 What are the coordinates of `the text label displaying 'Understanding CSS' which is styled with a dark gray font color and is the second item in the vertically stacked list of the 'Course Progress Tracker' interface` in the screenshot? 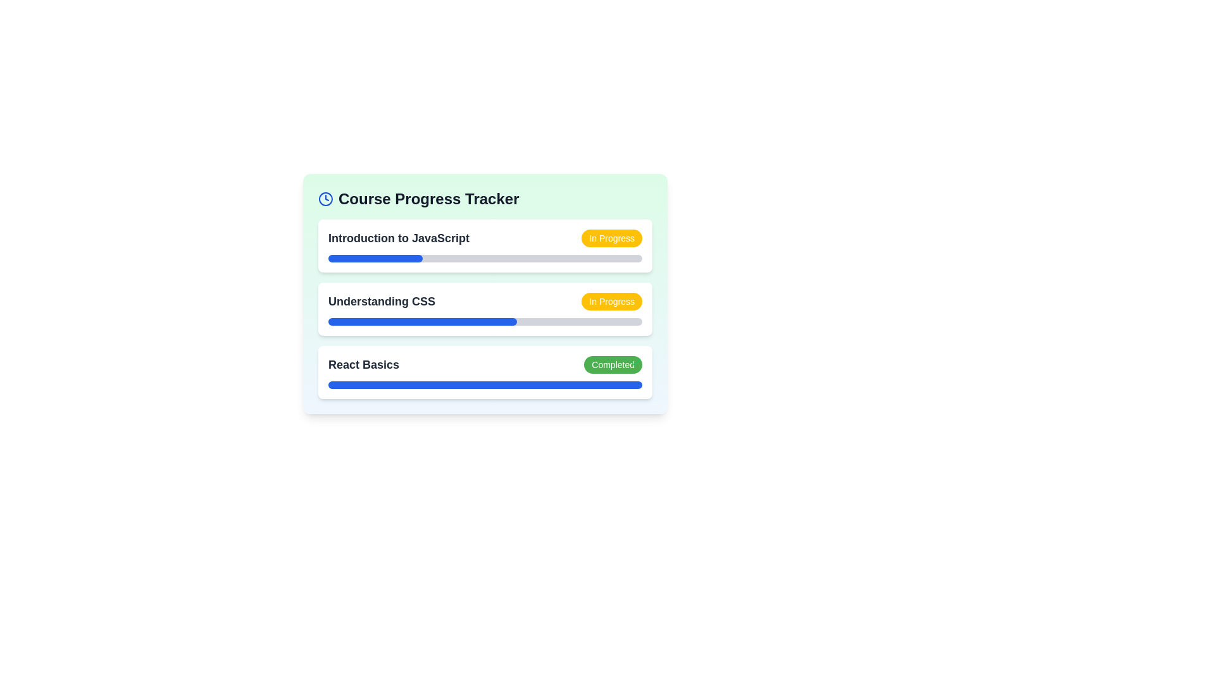 It's located at (381, 302).